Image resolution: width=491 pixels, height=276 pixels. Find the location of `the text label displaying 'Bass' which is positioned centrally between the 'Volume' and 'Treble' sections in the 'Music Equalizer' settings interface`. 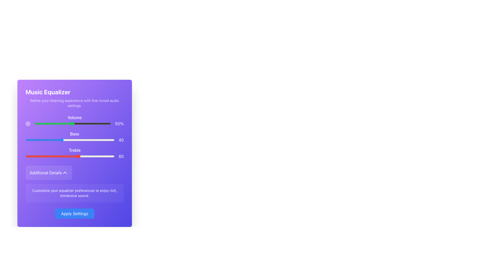

the text label displaying 'Bass' which is positioned centrally between the 'Volume' and 'Treble' sections in the 'Music Equalizer' settings interface is located at coordinates (74, 134).